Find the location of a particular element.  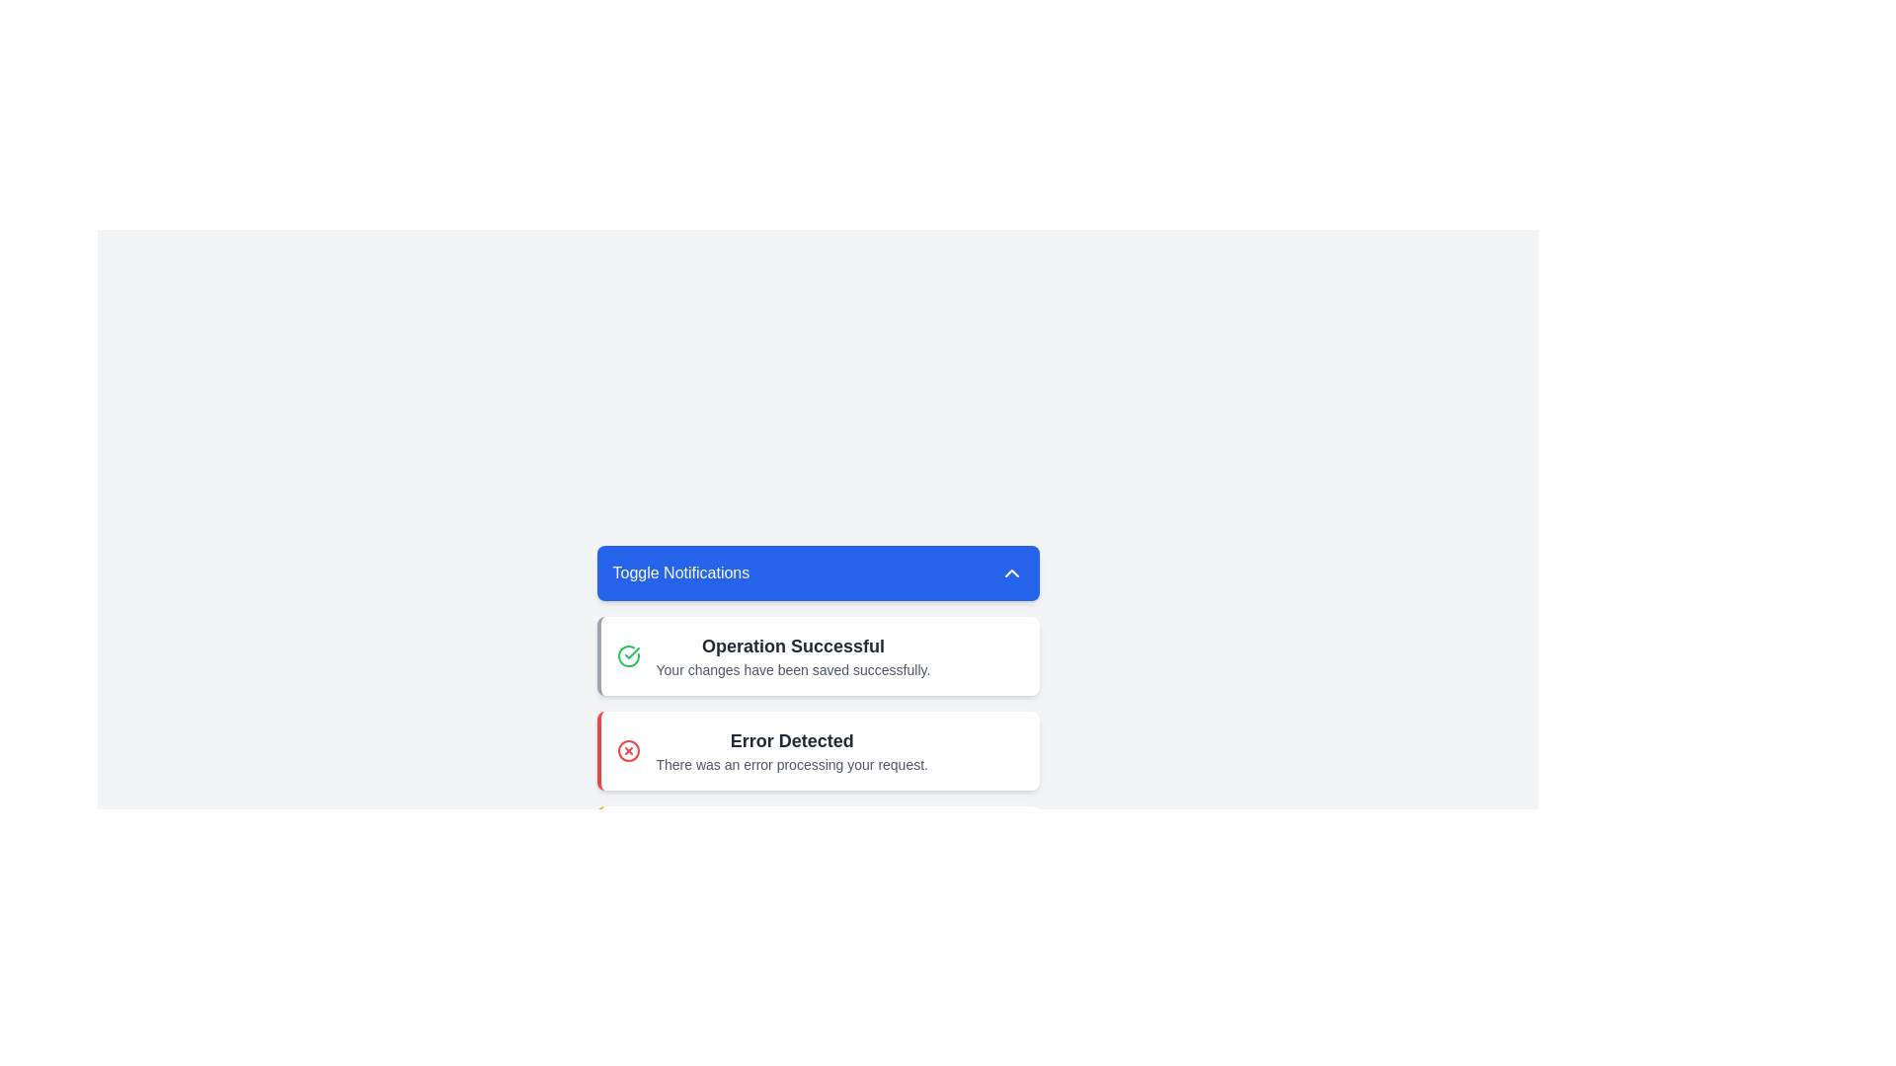

the chevron-up icon in the 'Toggle Notifications' section is located at coordinates (1011, 573).